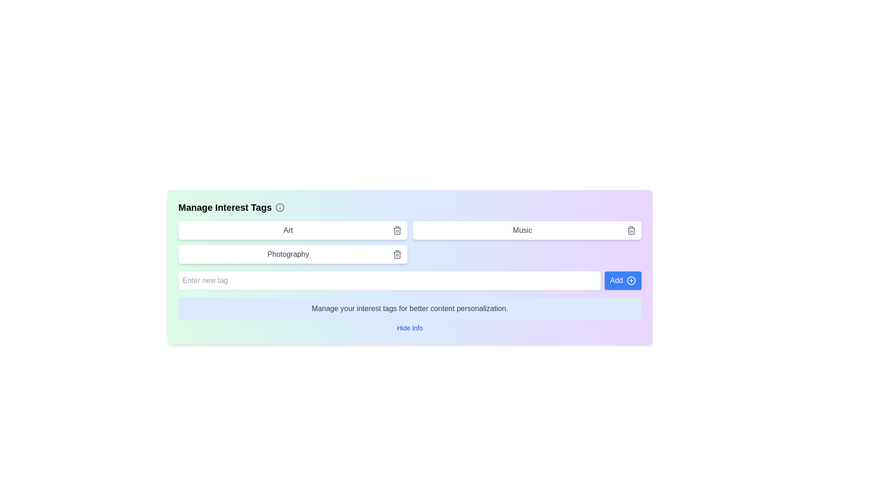 Image resolution: width=883 pixels, height=497 pixels. What do you see at coordinates (280, 208) in the screenshot?
I see `the Circle icon in the SVG graphic element that indicates additional information related to 'Manage Interest Tags' for accessibility purposes` at bounding box center [280, 208].